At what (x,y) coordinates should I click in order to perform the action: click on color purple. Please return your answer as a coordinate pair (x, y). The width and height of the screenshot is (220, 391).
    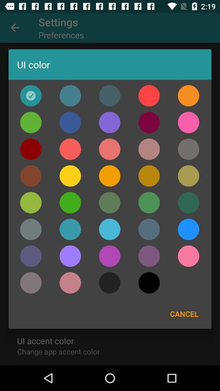
    Looking at the image, I should click on (110, 255).